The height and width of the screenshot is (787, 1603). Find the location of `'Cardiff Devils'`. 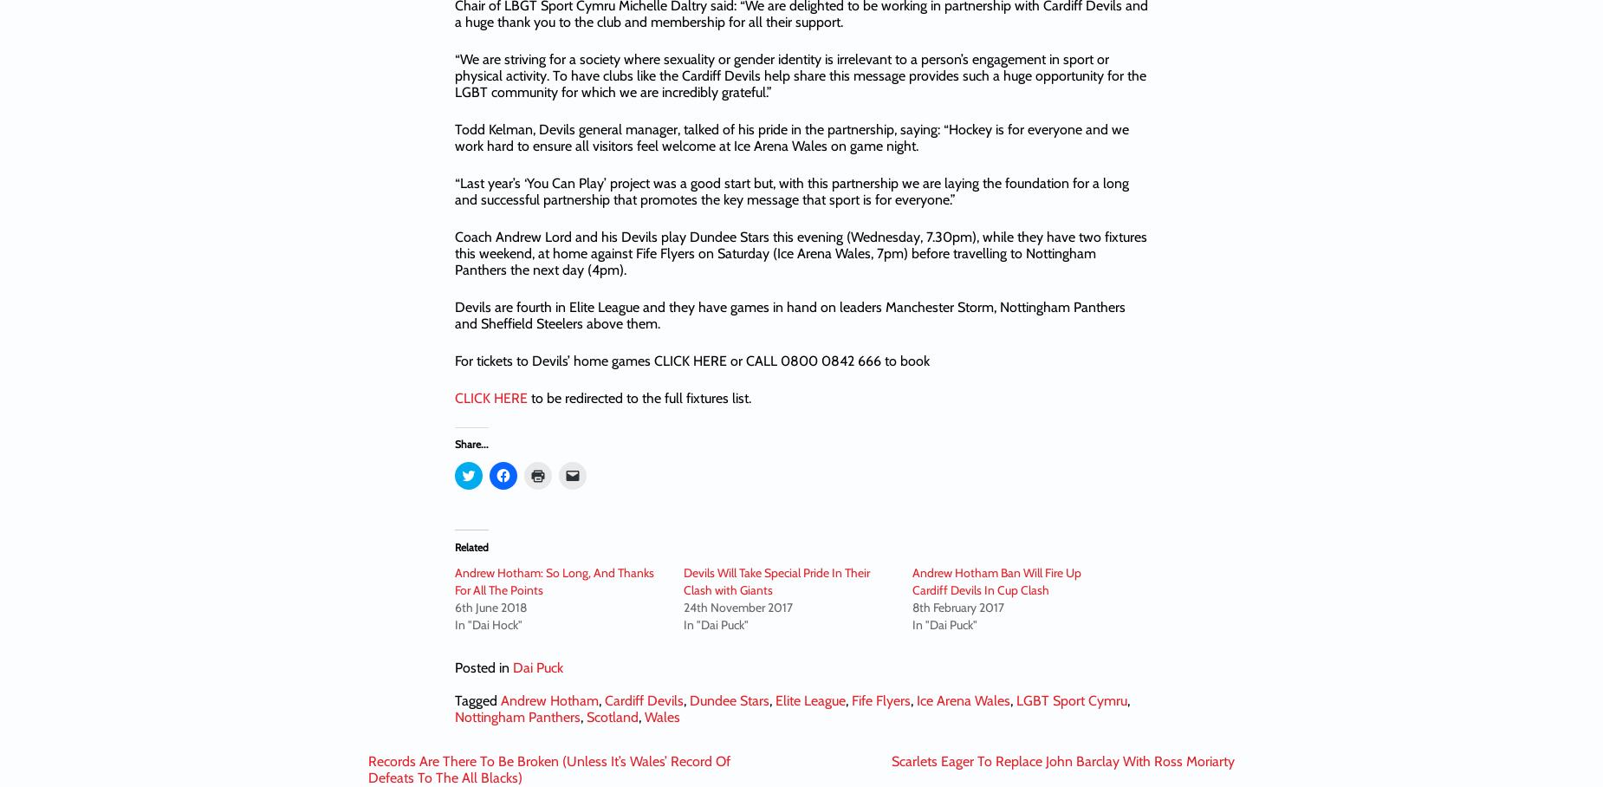

'Cardiff Devils' is located at coordinates (644, 699).